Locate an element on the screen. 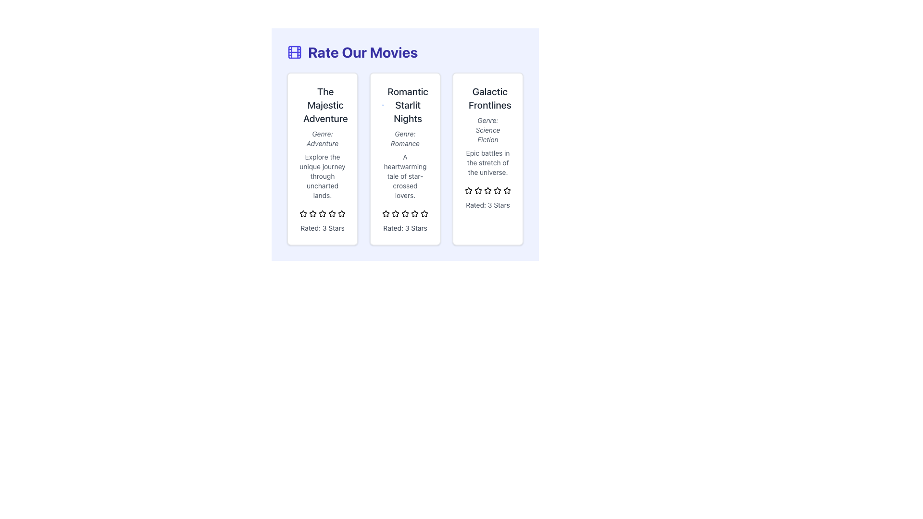  the first star icon in the five-star rating row below 'The Majestic Adventure' movie card is located at coordinates (302, 213).